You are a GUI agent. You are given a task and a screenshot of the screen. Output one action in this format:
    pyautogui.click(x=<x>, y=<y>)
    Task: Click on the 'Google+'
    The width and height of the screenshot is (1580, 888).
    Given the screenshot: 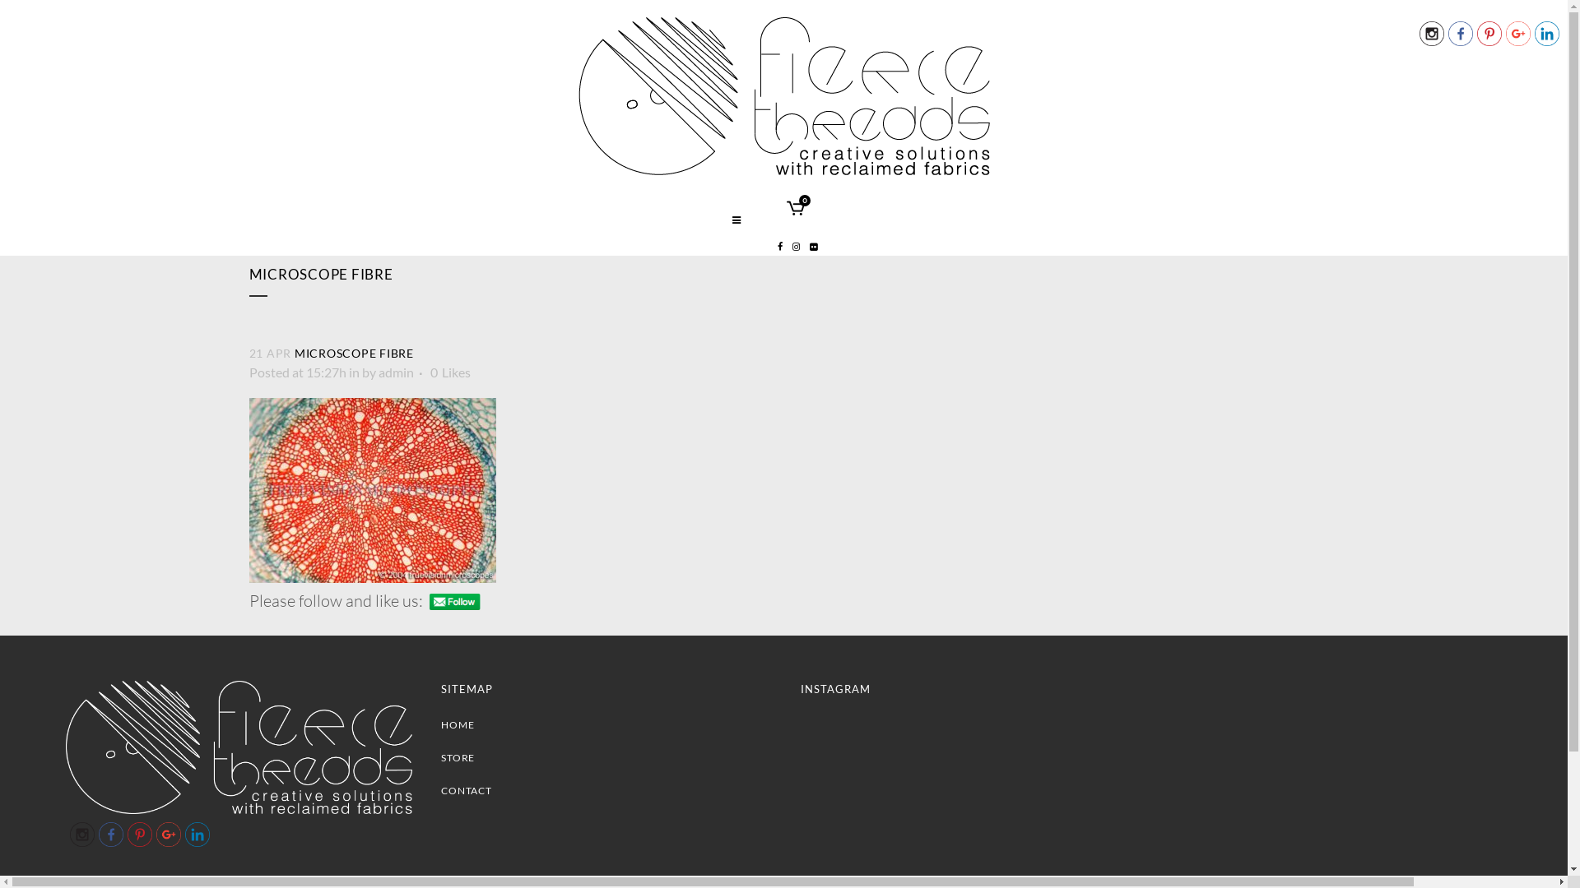 What is the action you would take?
    pyautogui.click(x=1517, y=34)
    